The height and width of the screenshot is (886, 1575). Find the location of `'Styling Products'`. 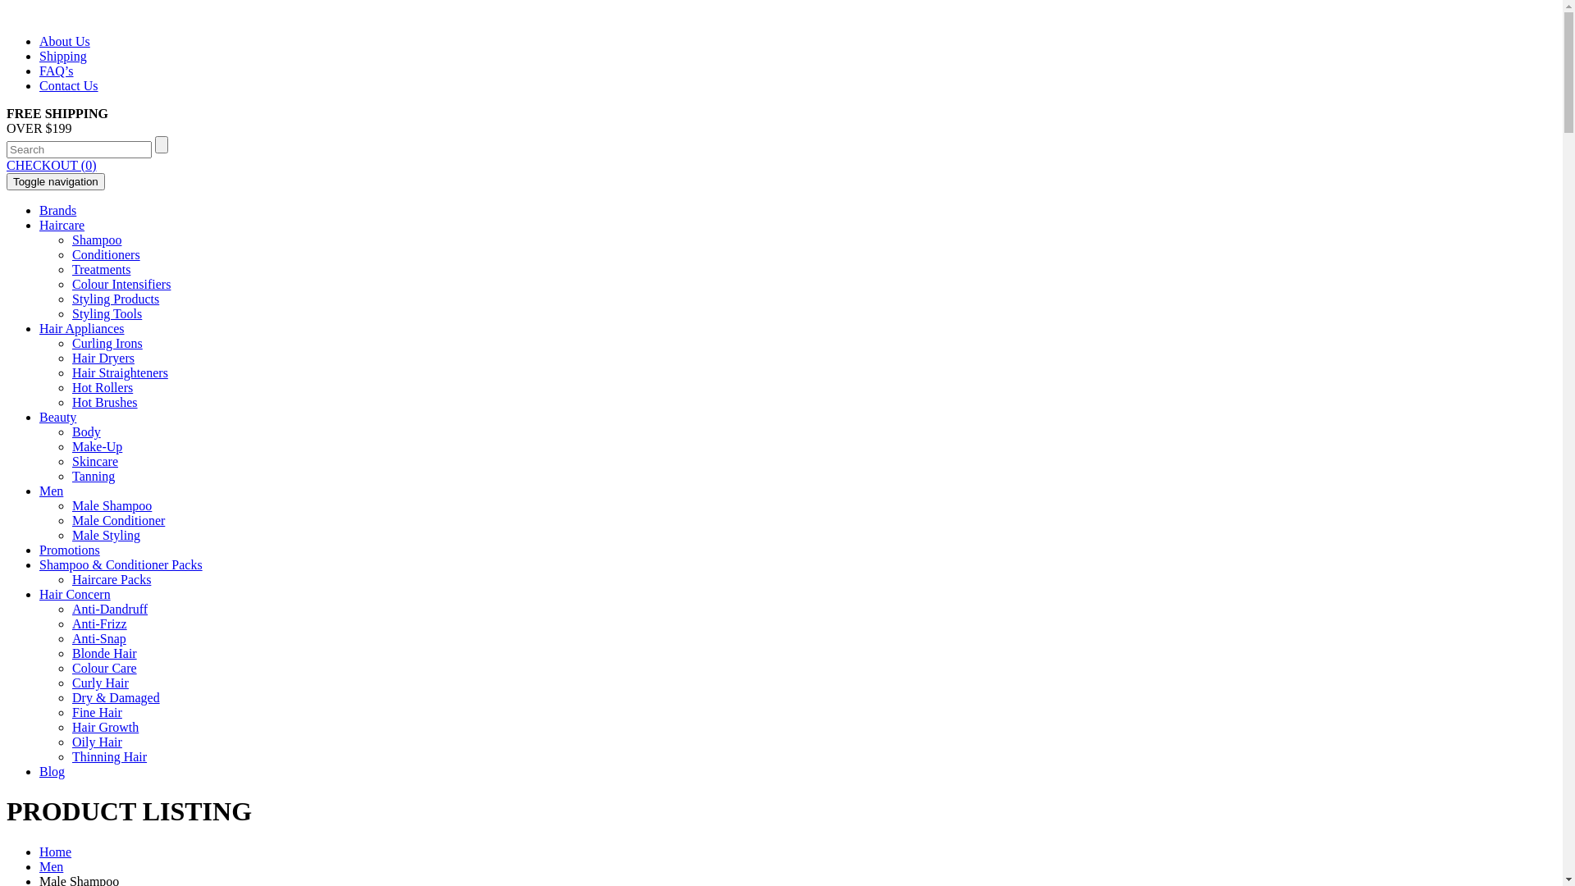

'Styling Products' is located at coordinates (71, 299).